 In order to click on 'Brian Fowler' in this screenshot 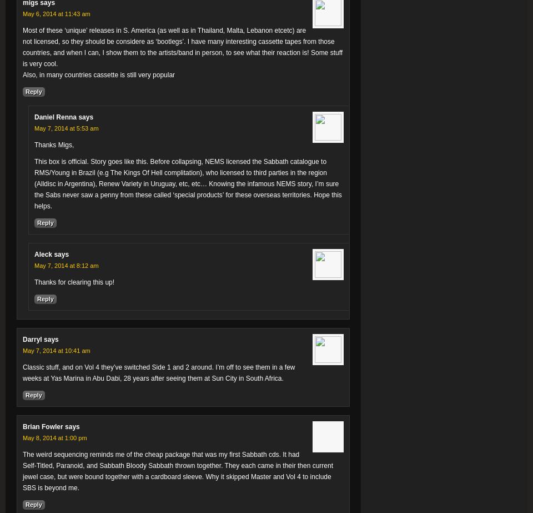, I will do `click(42, 426)`.